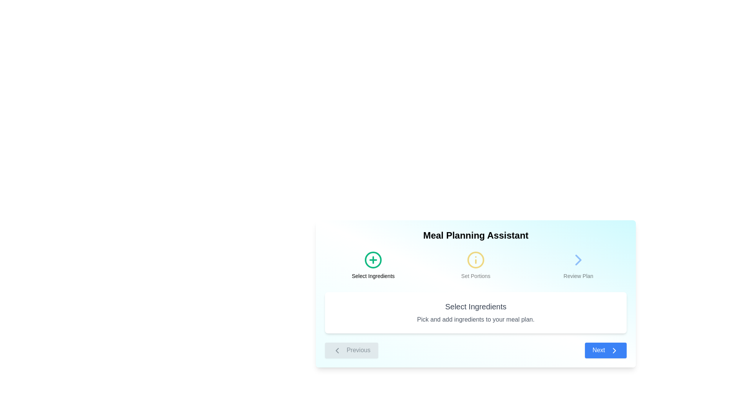 The width and height of the screenshot is (735, 413). Describe the element at coordinates (475, 265) in the screenshot. I see `the middle icon with the associated text label` at that location.